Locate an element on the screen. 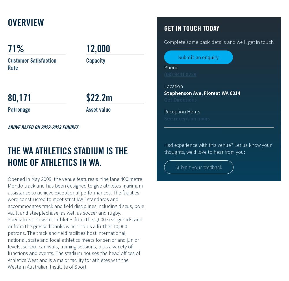 The height and width of the screenshot is (281, 289). 'Above based on 2022-2023 figures.' is located at coordinates (8, 126).